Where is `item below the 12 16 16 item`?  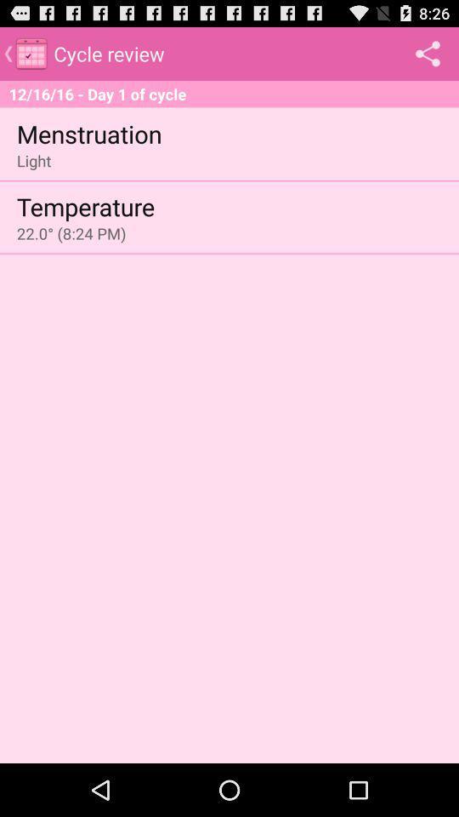 item below the 12 16 16 item is located at coordinates (89, 132).